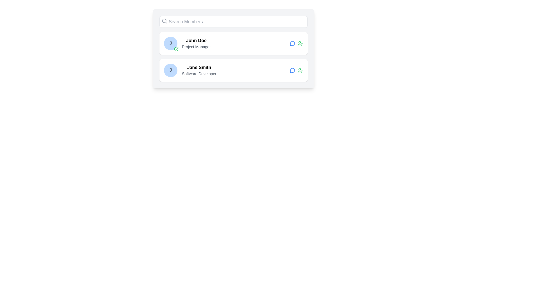  What do you see at coordinates (199, 73) in the screenshot?
I see `the static text displaying 'Software Developer' associated with 'Jane Smith', which is positioned directly below 'Jane Smith' and aligned to the left within the second user list entry` at bounding box center [199, 73].